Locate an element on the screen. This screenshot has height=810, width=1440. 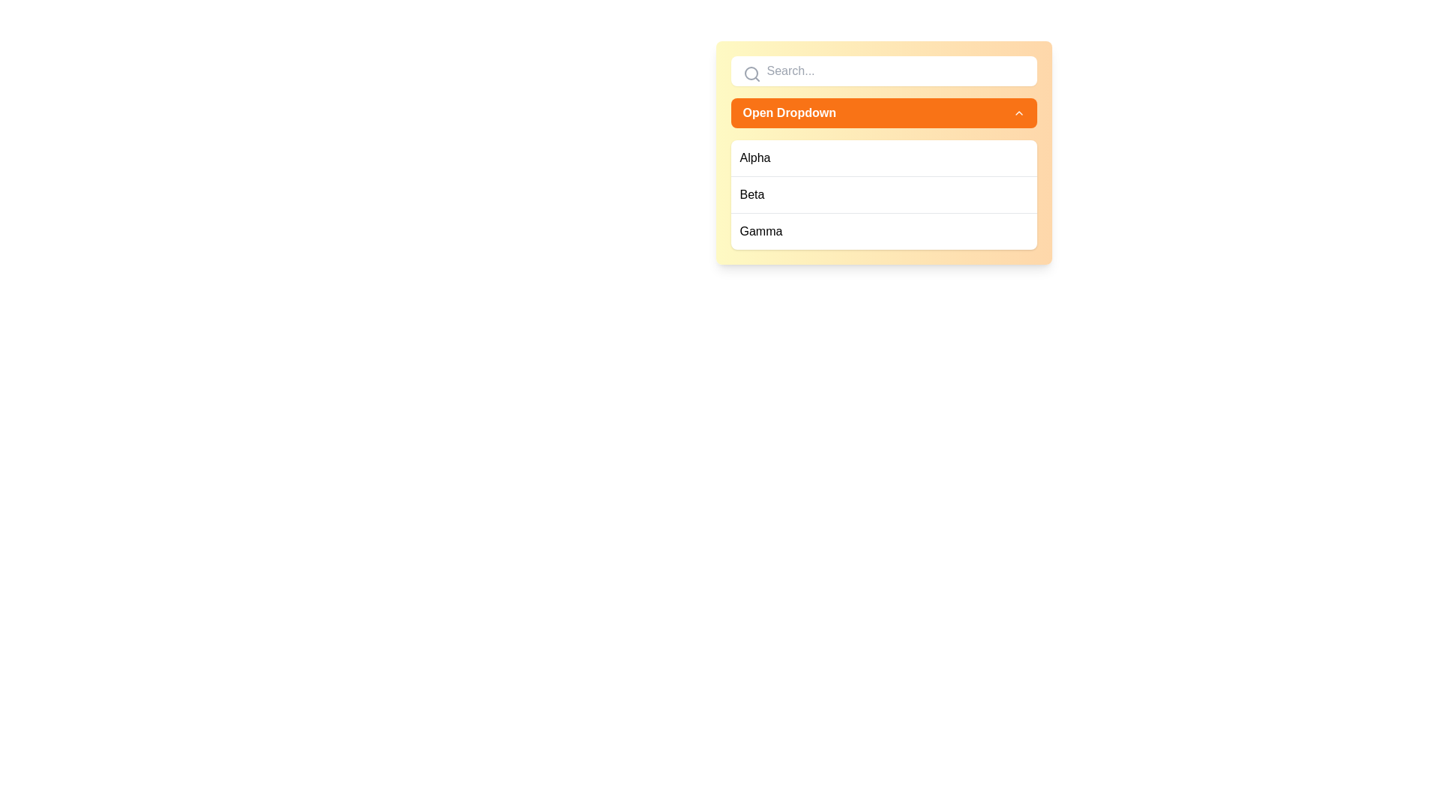
the first option labeled 'Alpha' within the dropdown menu, which is positioned directly below the 'Open Dropdown' button is located at coordinates (755, 158).